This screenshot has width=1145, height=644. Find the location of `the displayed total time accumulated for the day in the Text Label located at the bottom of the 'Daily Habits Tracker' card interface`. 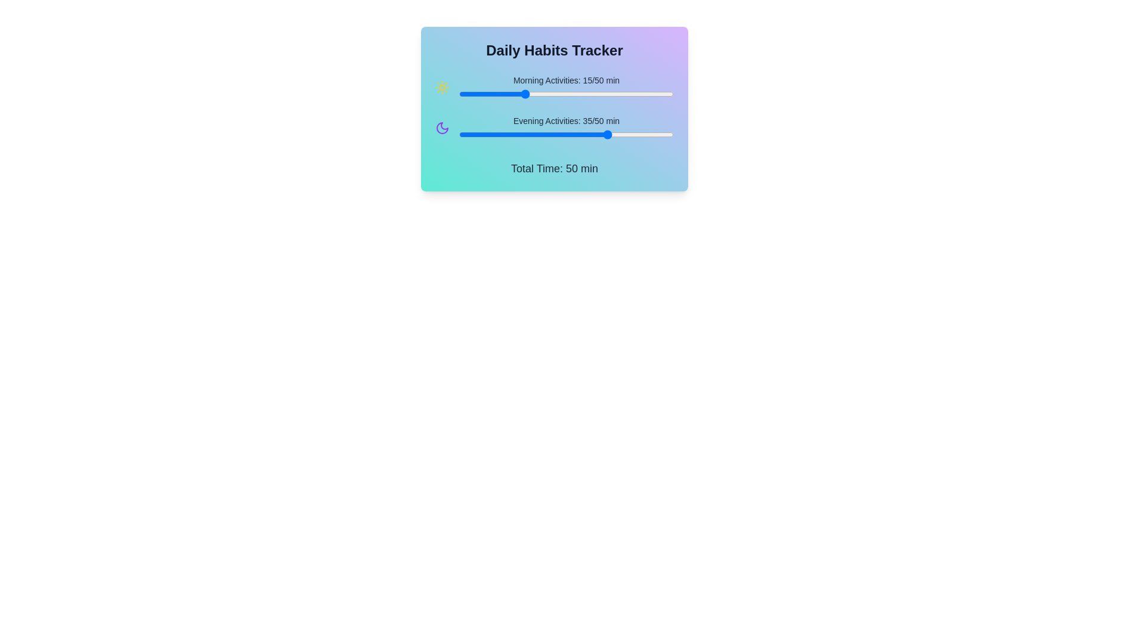

the displayed total time accumulated for the day in the Text Label located at the bottom of the 'Daily Habits Tracker' card interface is located at coordinates (554, 168).